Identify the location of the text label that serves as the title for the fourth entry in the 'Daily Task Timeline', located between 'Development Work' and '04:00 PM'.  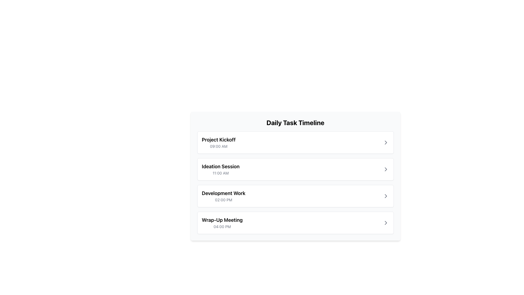
(222, 220).